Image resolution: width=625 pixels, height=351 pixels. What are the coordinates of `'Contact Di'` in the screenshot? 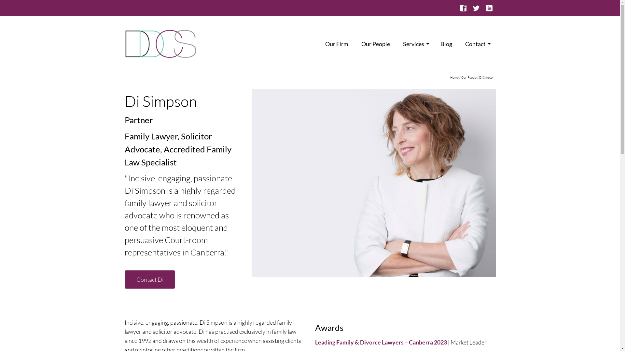 It's located at (149, 279).